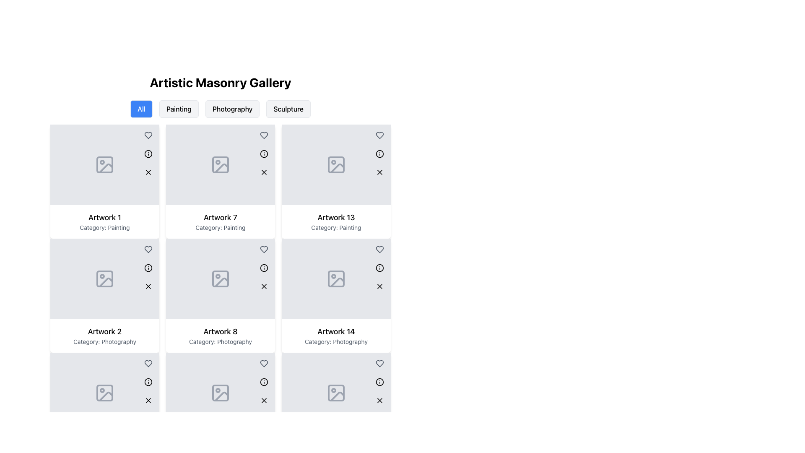 This screenshot has width=805, height=453. Describe the element at coordinates (148, 249) in the screenshot. I see `the favorite icon located at the top-right corner of the card labeled 'Artwork 1'` at that location.